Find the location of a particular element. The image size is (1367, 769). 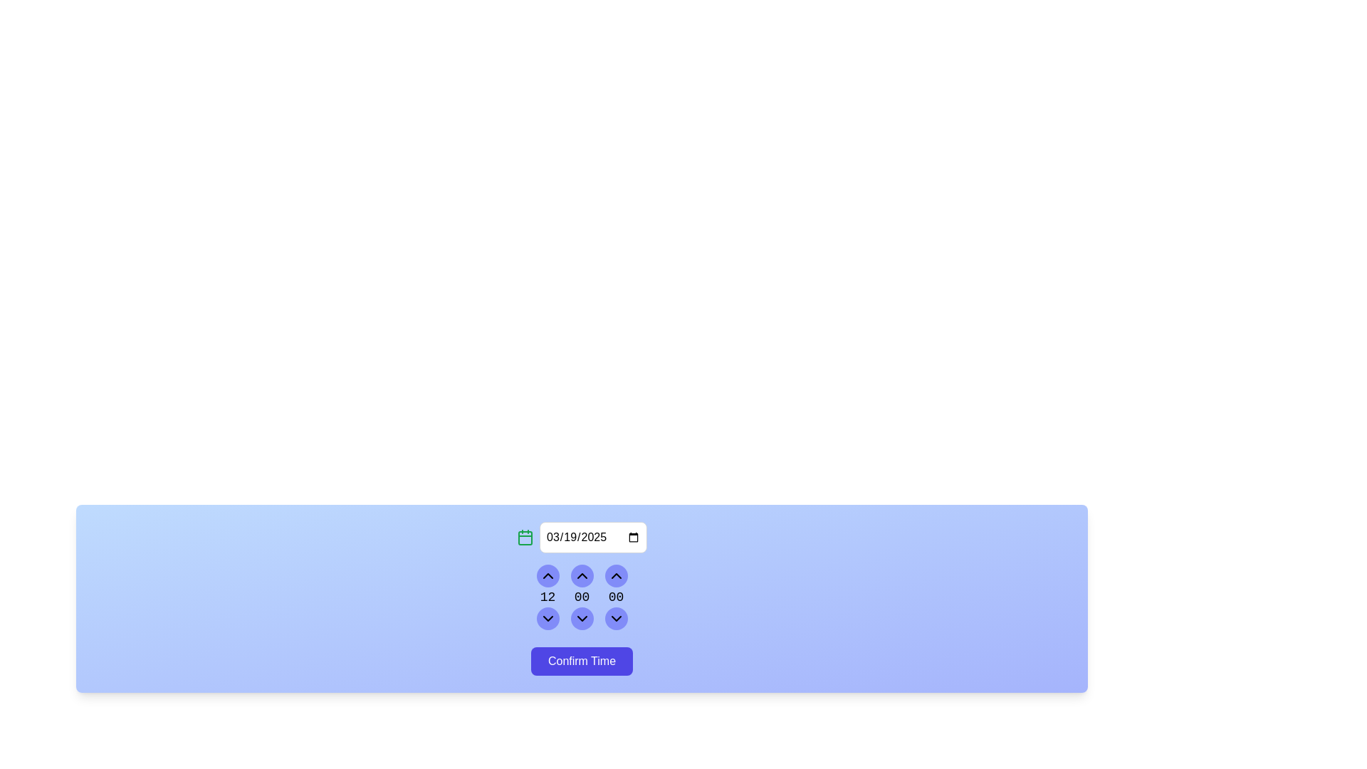

the upper button in the column of three interactive buttons to increment the counter value displayed as '00' below it is located at coordinates (582, 575).